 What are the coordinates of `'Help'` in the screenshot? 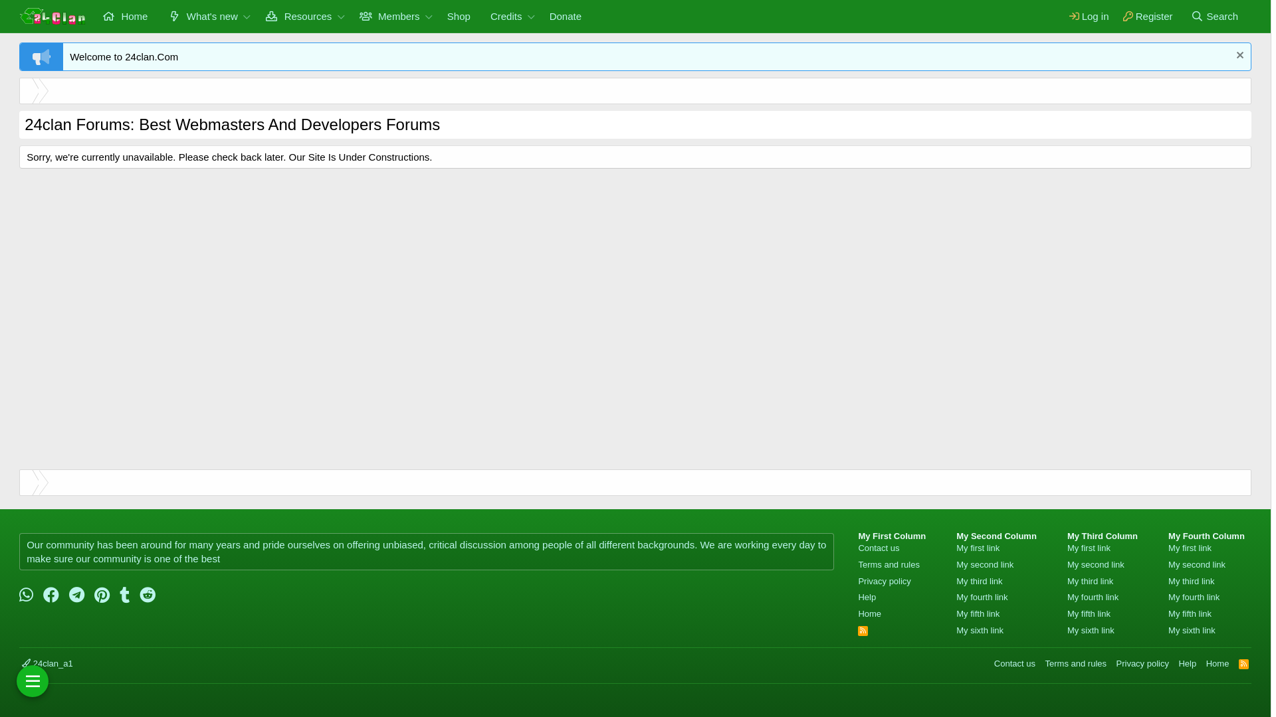 It's located at (1187, 663).